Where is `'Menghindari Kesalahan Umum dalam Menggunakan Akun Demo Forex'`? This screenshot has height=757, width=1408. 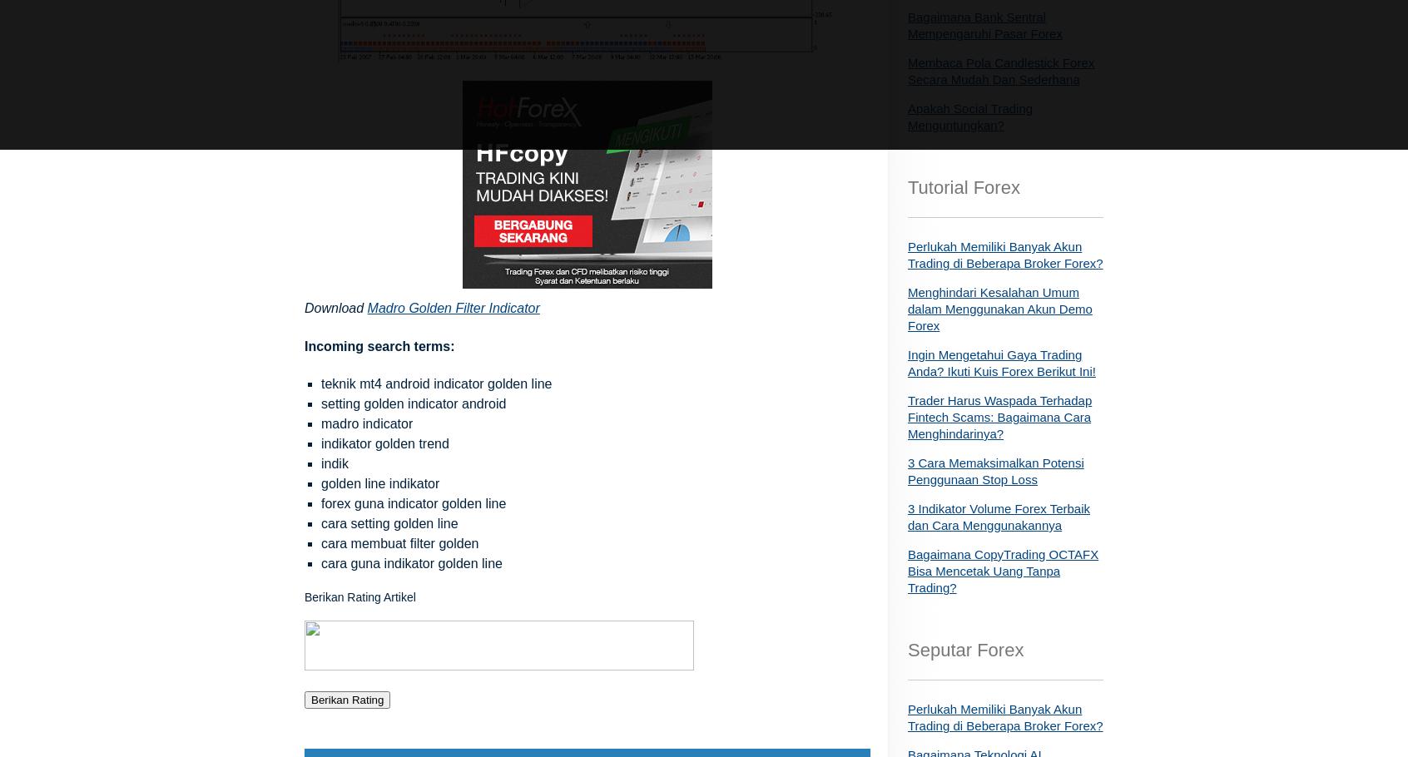
'Menghindari Kesalahan Umum dalam Menggunakan Akun Demo Forex' is located at coordinates (999, 309).